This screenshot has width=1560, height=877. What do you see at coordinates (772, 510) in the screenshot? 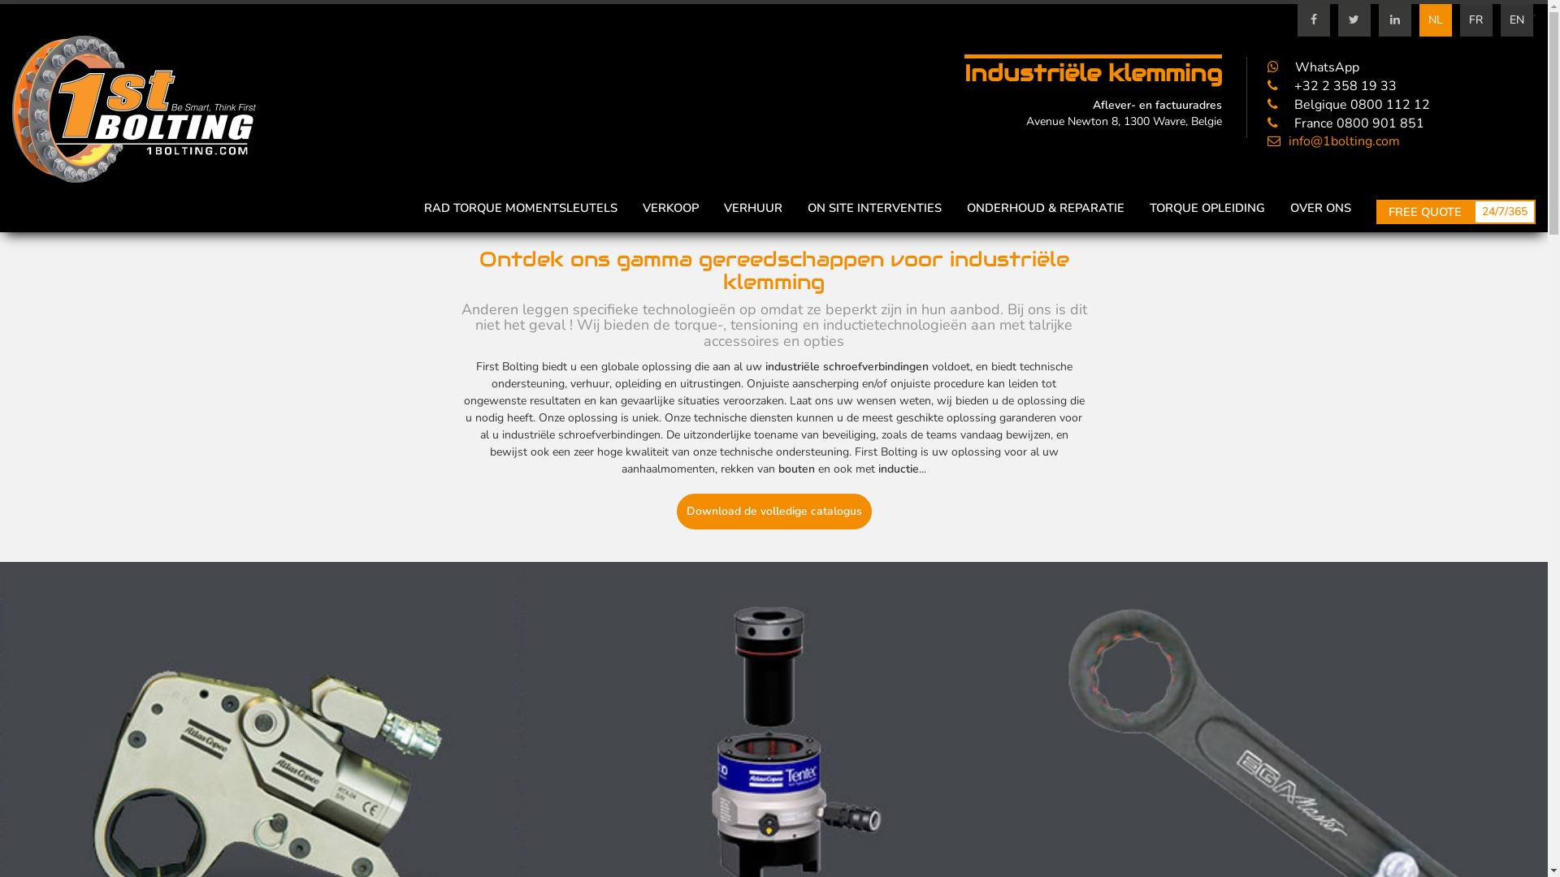
I see `'Download de volledige catalogus'` at bounding box center [772, 510].